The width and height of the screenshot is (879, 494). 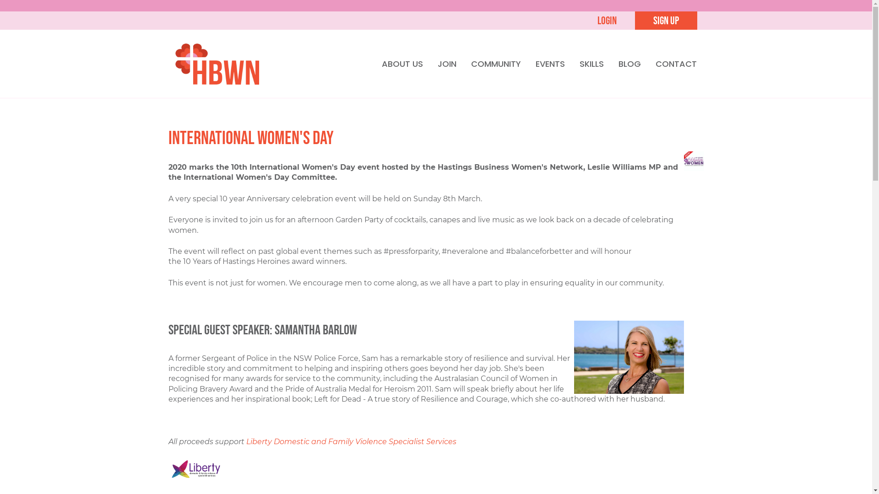 What do you see at coordinates (676, 63) in the screenshot?
I see `'CONTACT'` at bounding box center [676, 63].